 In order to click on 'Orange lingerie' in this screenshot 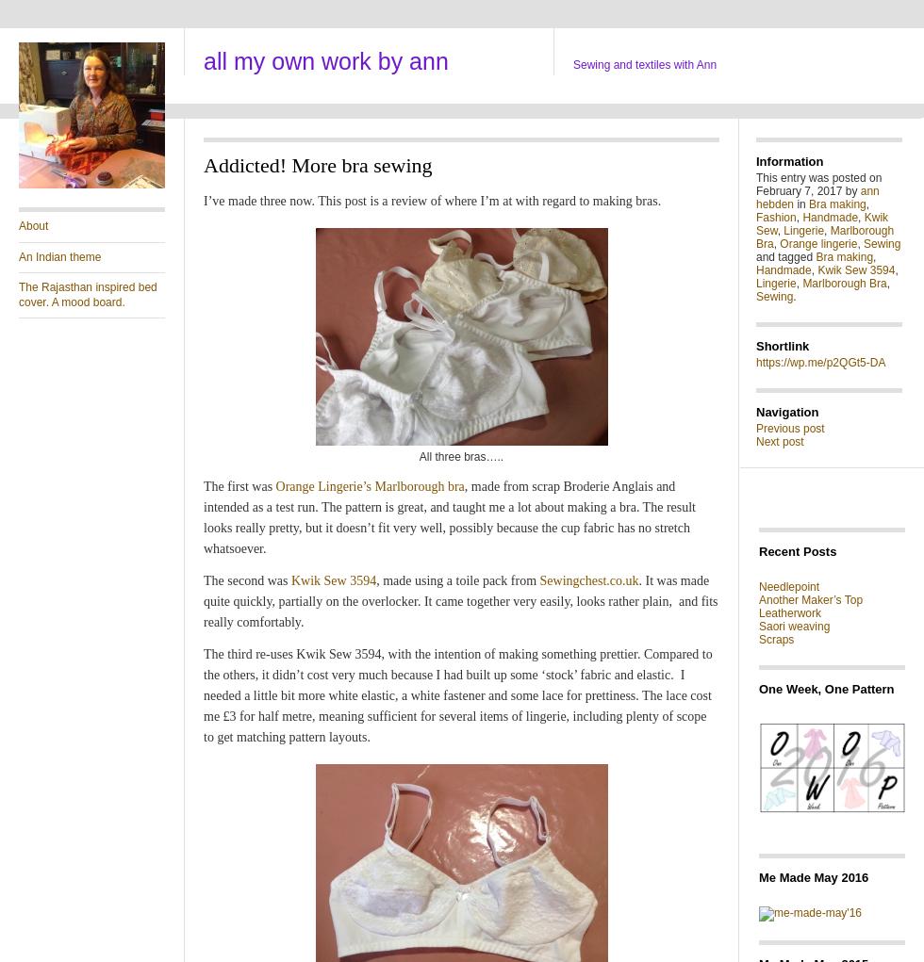, I will do `click(780, 243)`.